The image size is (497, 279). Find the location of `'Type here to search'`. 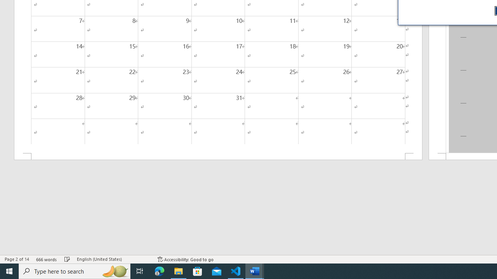

'Type here to search' is located at coordinates (75, 270).